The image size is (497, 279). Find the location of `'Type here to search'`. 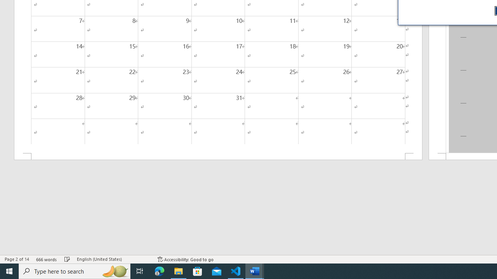

'Type here to search' is located at coordinates (75, 270).